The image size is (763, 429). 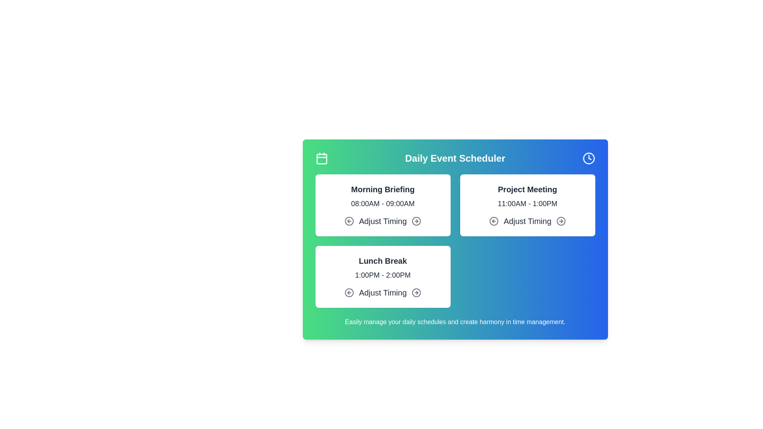 What do you see at coordinates (349, 292) in the screenshot?
I see `the 'Adjust Timing' left arrow for the event Lunch Break` at bounding box center [349, 292].